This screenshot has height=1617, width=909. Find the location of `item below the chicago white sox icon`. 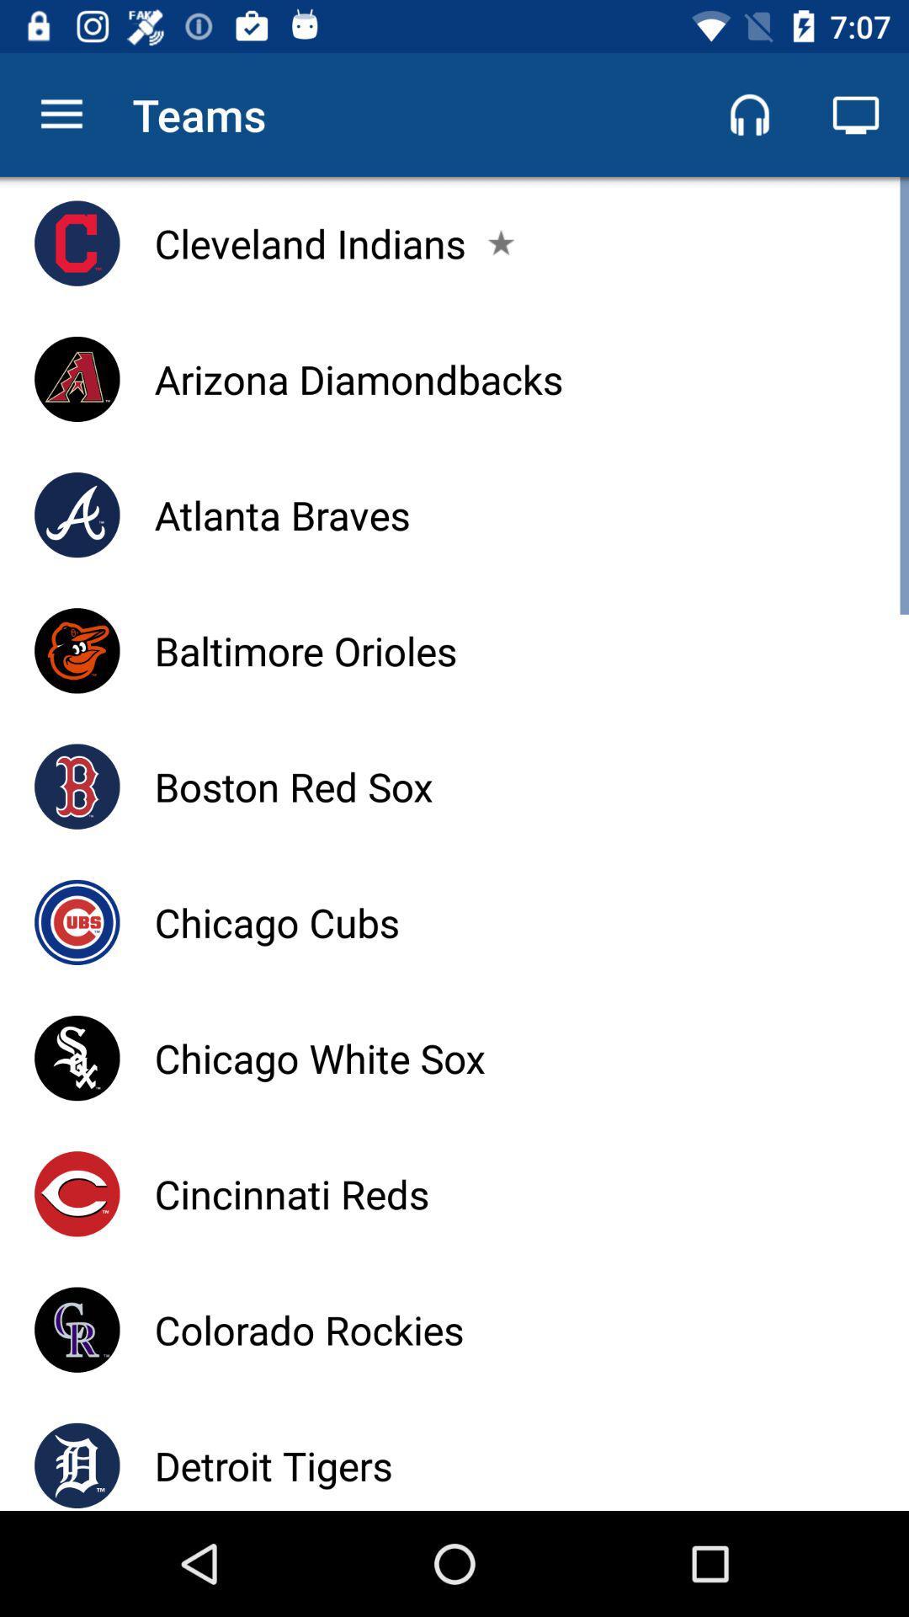

item below the chicago white sox icon is located at coordinates (290, 1193).